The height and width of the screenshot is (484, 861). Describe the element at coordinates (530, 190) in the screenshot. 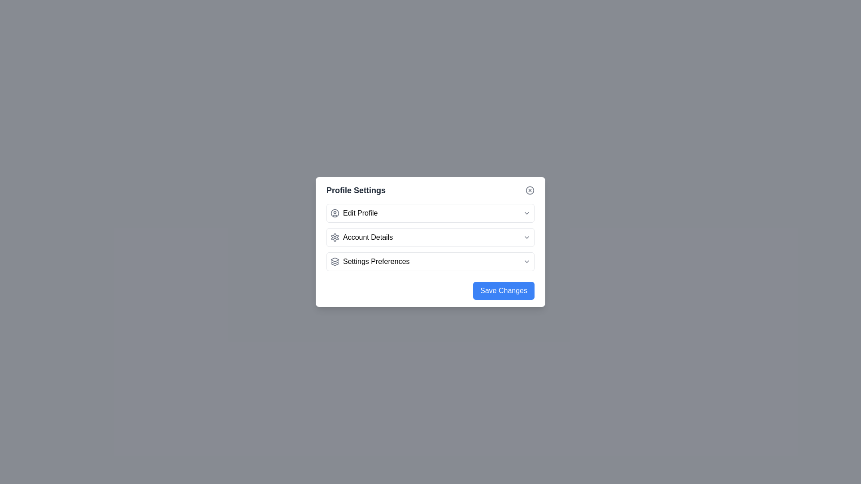

I see `close button in the top-right corner of the dialog to dismiss it` at that location.